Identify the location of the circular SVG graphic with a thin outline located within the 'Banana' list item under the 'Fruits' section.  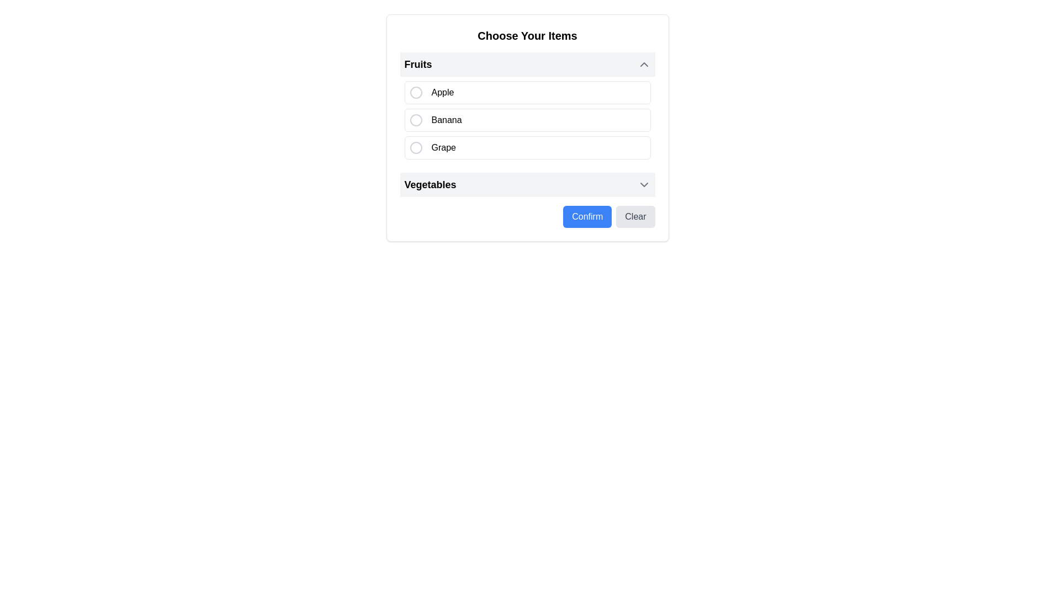
(415, 120).